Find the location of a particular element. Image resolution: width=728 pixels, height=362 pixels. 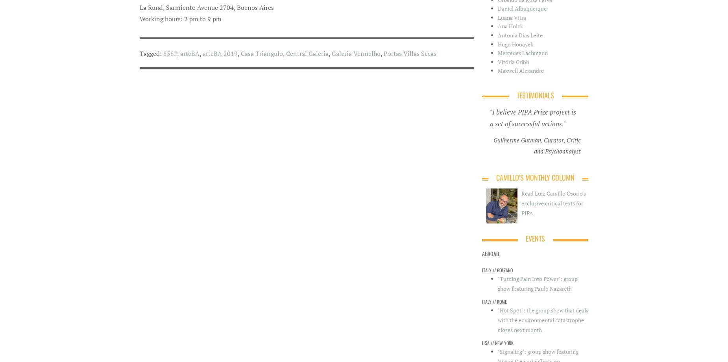

'"Turning Pain Into Power": group show featuring Paulo Nazareth' is located at coordinates (537, 284).